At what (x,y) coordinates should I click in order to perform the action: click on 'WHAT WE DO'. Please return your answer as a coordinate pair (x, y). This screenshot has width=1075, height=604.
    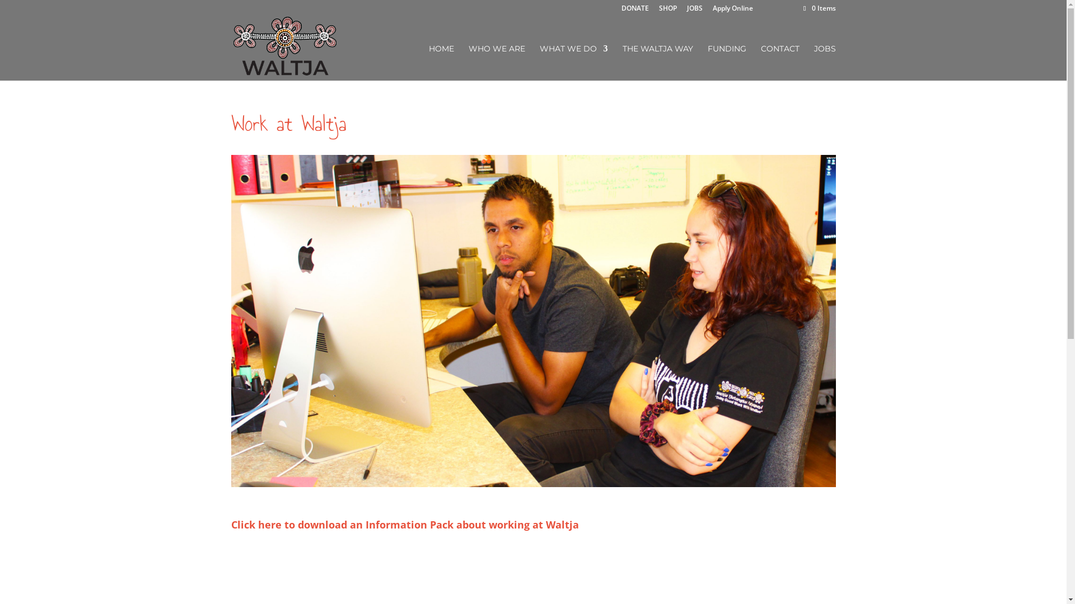
    Looking at the image, I should click on (574, 62).